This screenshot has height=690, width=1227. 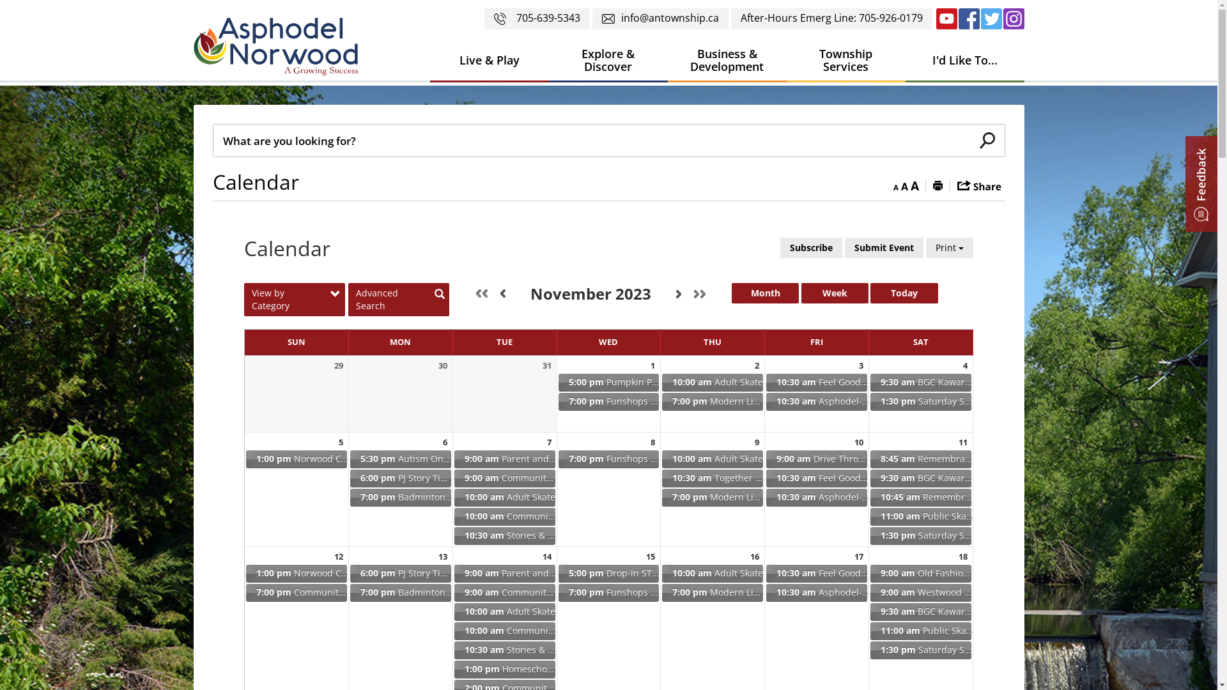 I want to click on 'Live & Play', so click(x=488, y=61).